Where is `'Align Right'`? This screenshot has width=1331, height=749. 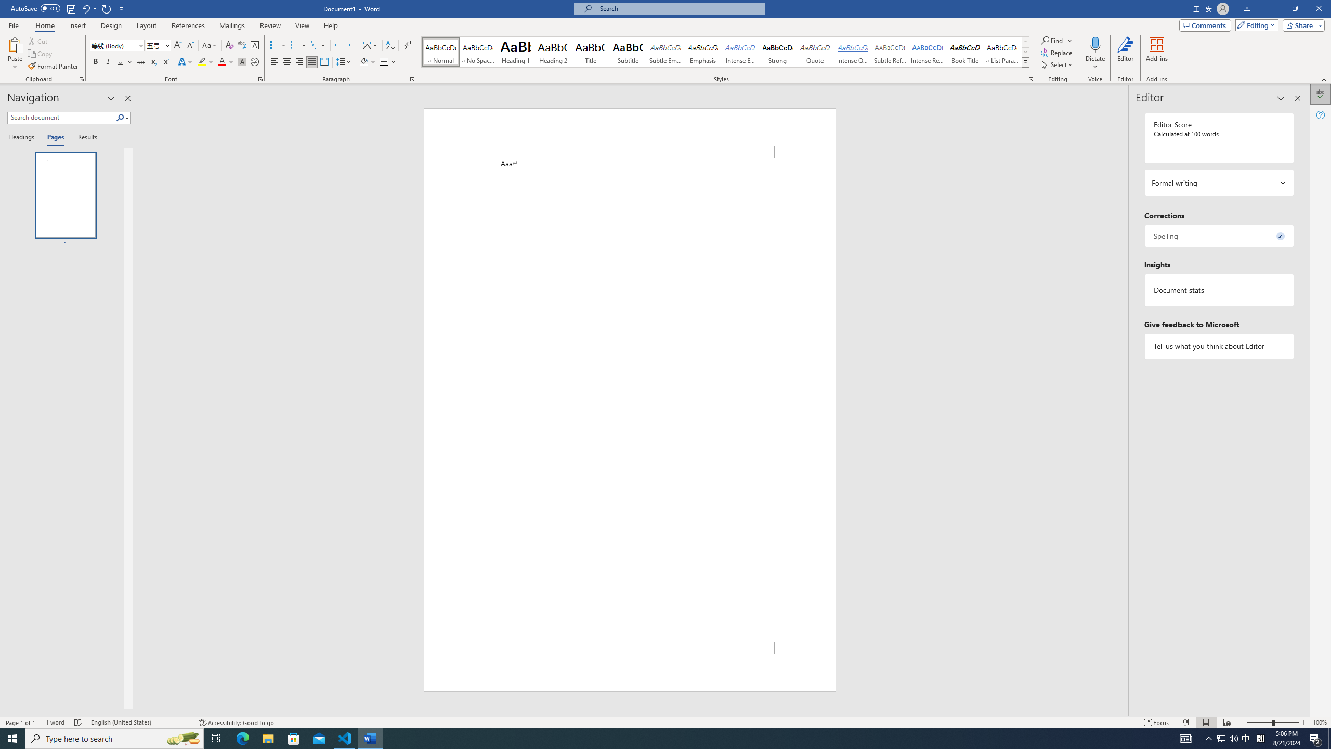 'Align Right' is located at coordinates (299, 61).